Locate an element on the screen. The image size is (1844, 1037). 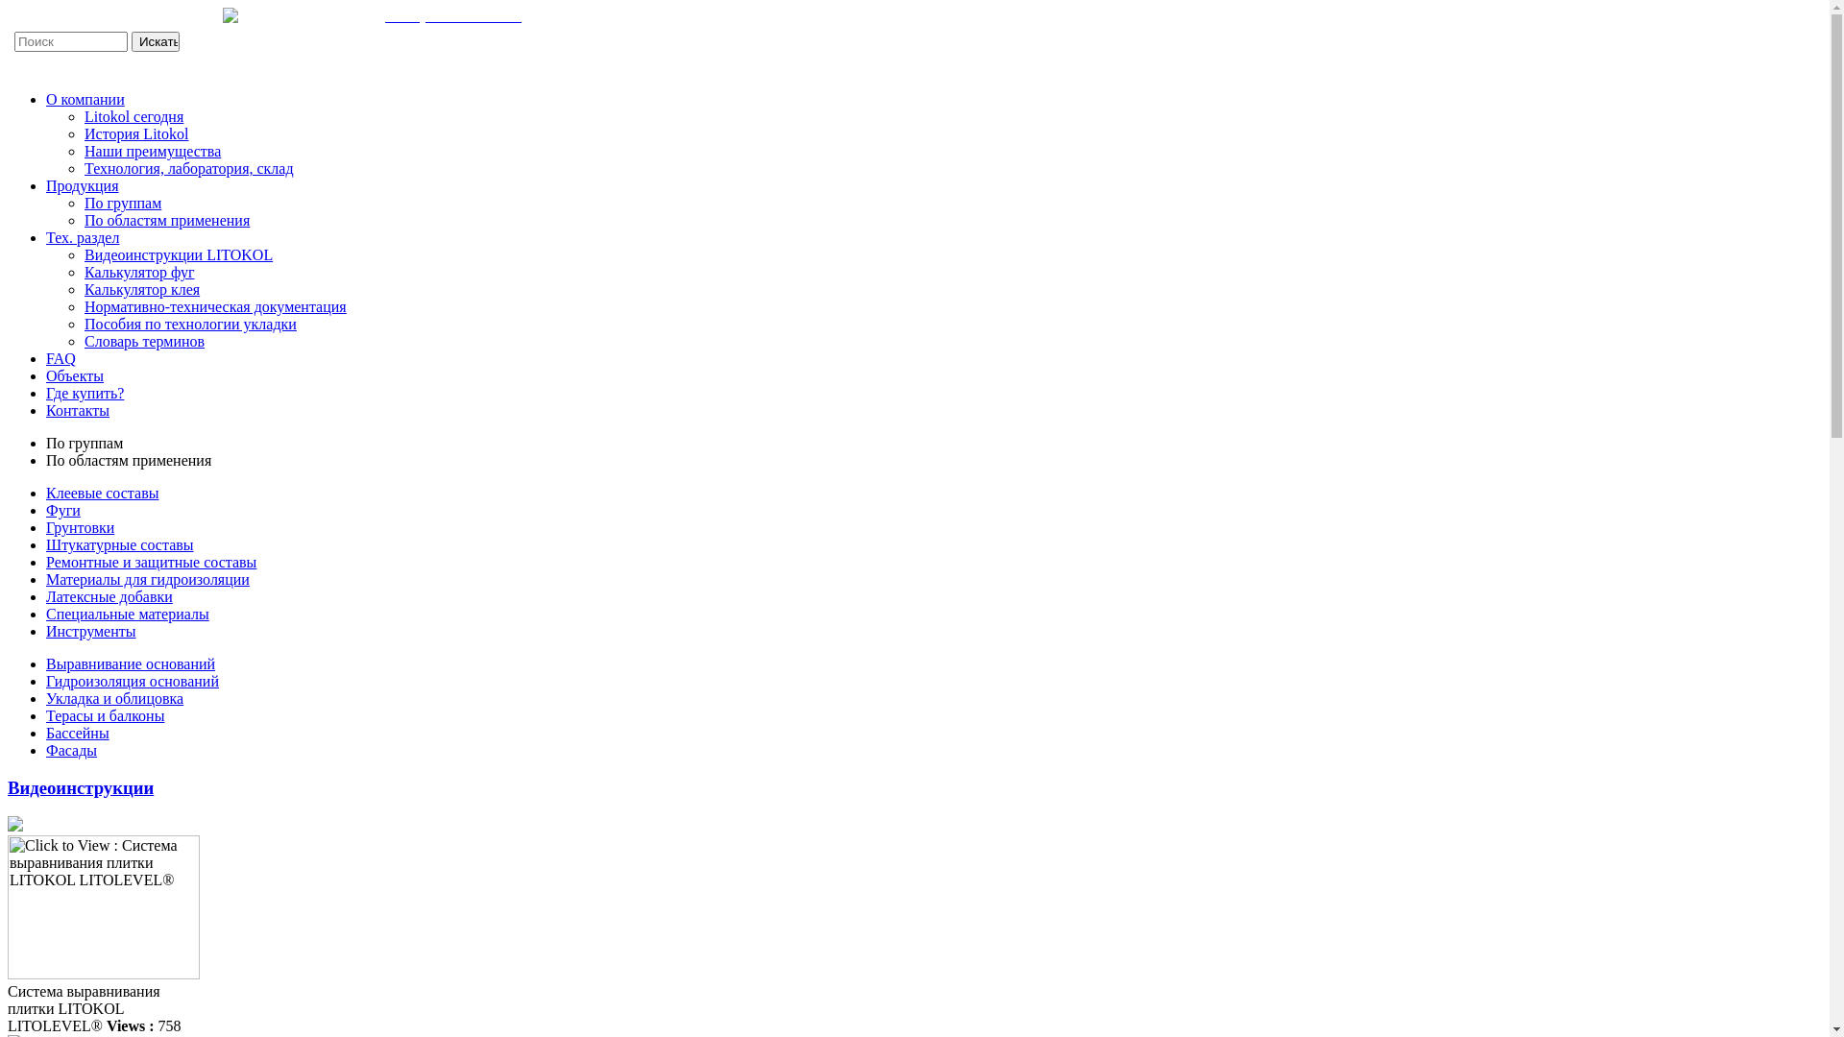
'FAQ' is located at coordinates (61, 358).